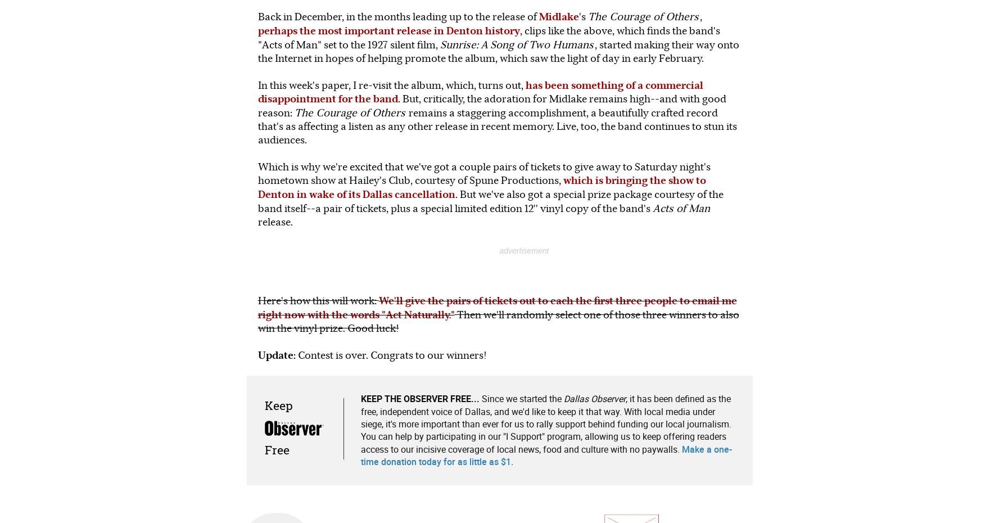 This screenshot has height=523, width=999. Describe the element at coordinates (317, 299) in the screenshot. I see `'Here's how this will work:'` at that location.